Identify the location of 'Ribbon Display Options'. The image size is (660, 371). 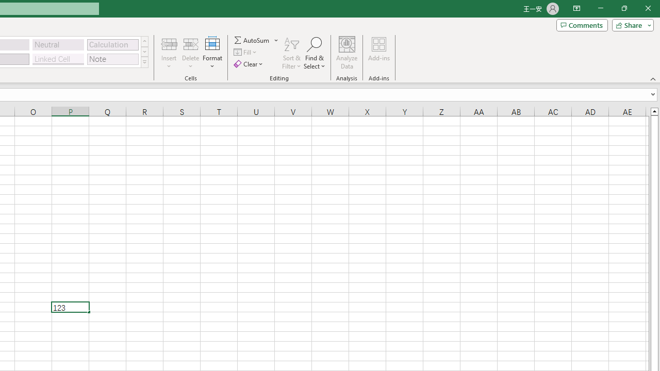
(576, 8).